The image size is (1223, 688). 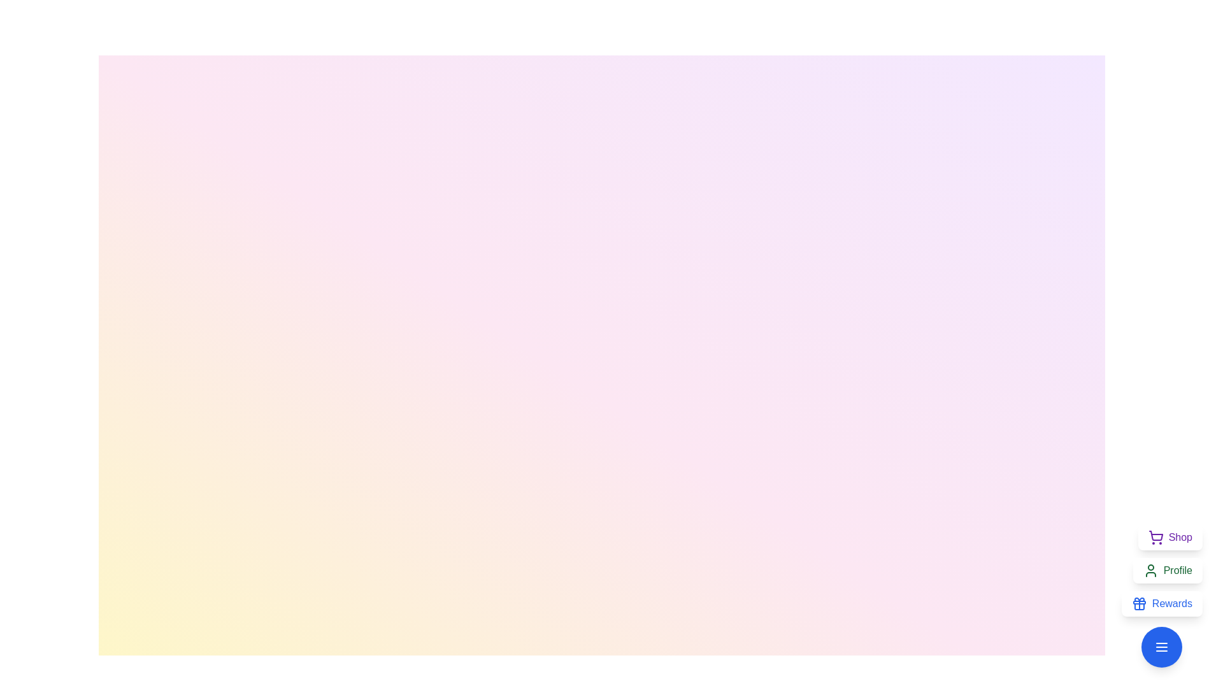 I want to click on the blue gift icon in the sidebar menu, so click(x=1139, y=603).